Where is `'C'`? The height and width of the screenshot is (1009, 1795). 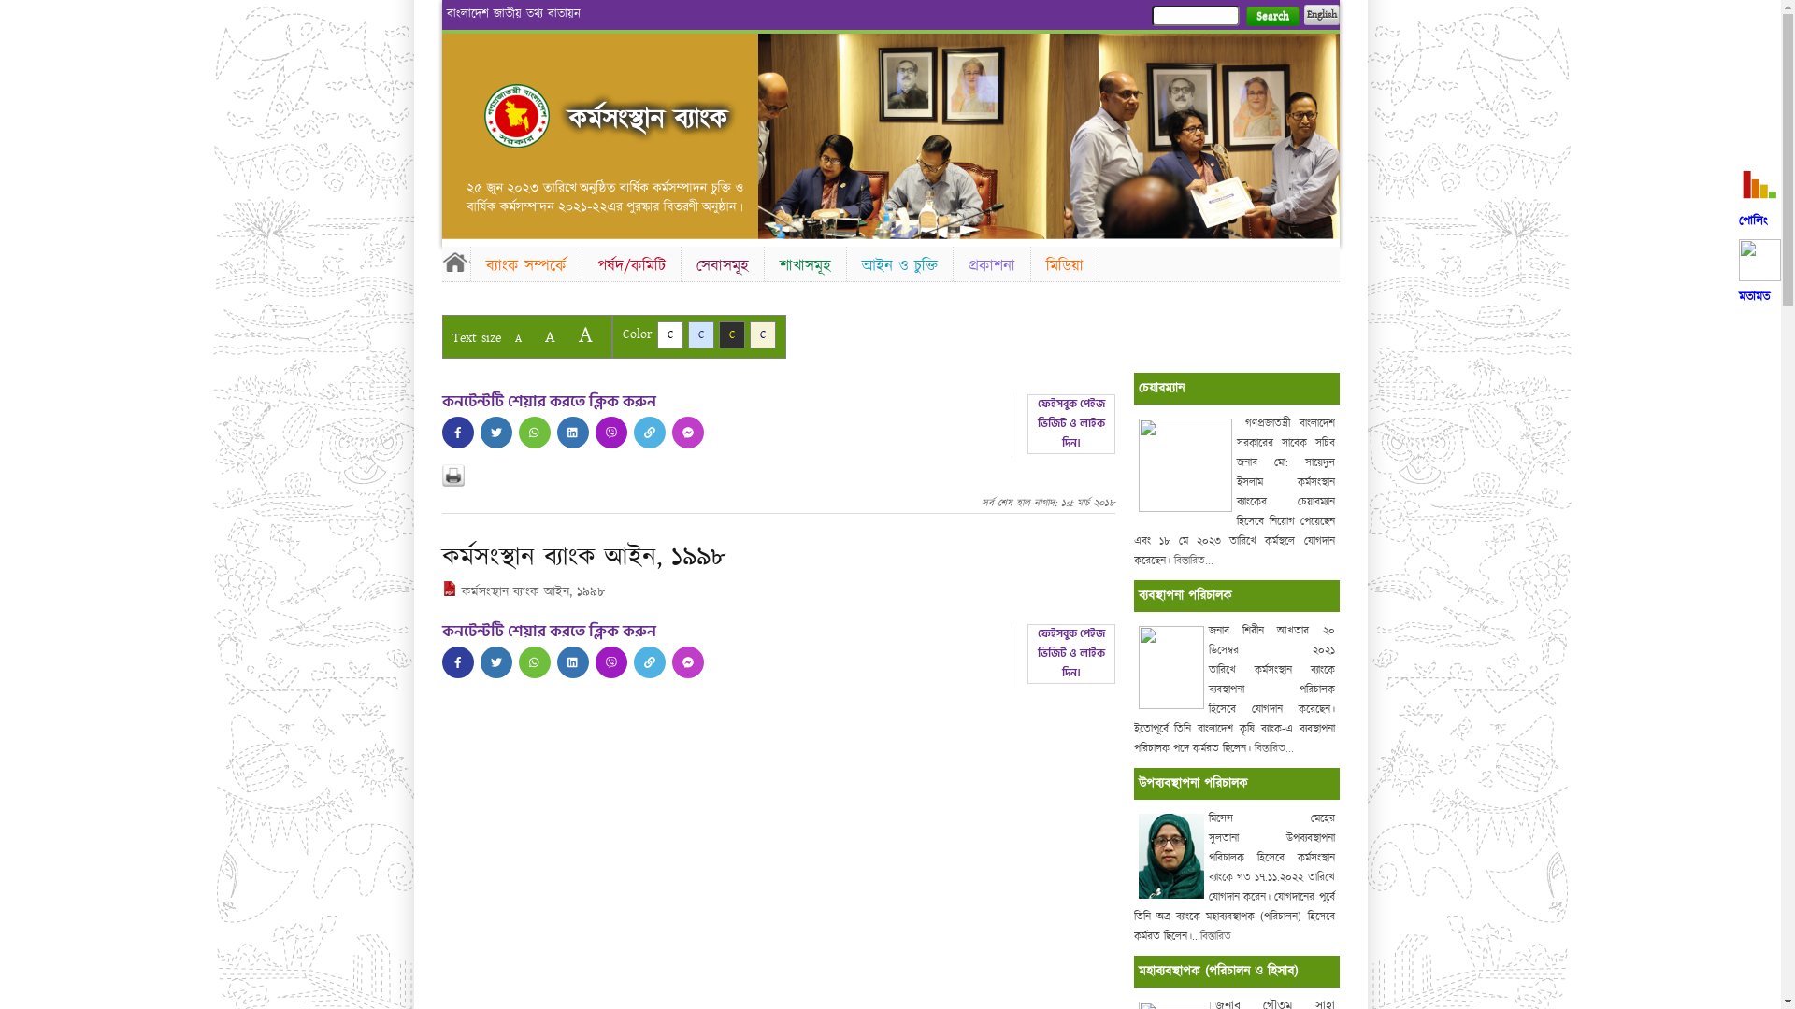
'C' is located at coordinates (730, 334).